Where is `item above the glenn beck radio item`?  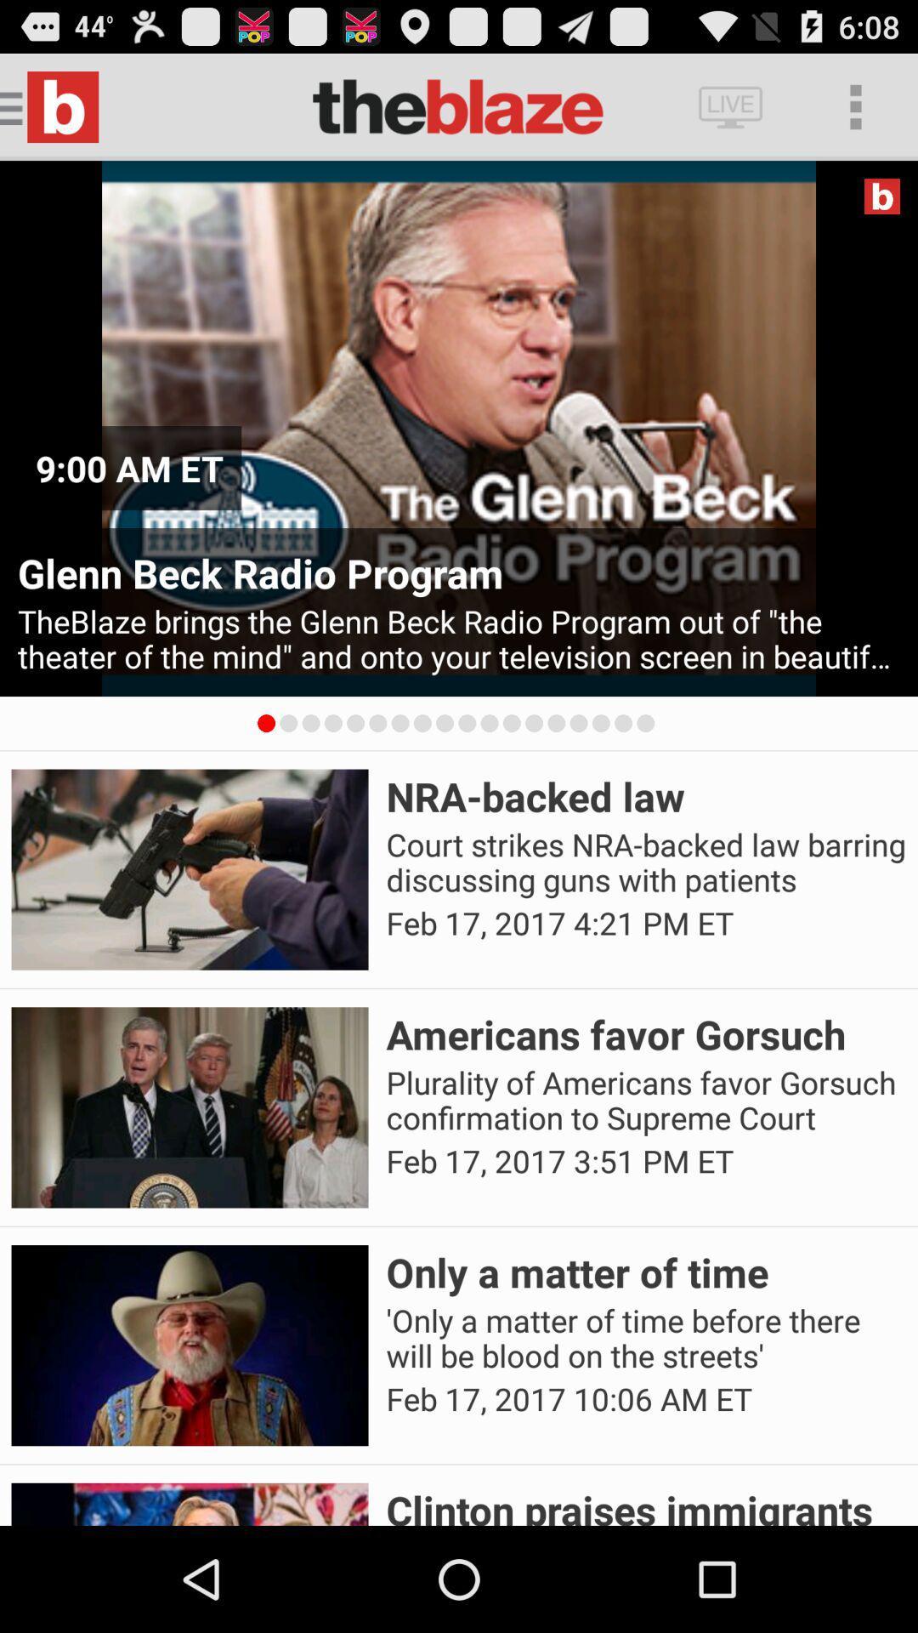
item above the glenn beck radio item is located at coordinates (128, 468).